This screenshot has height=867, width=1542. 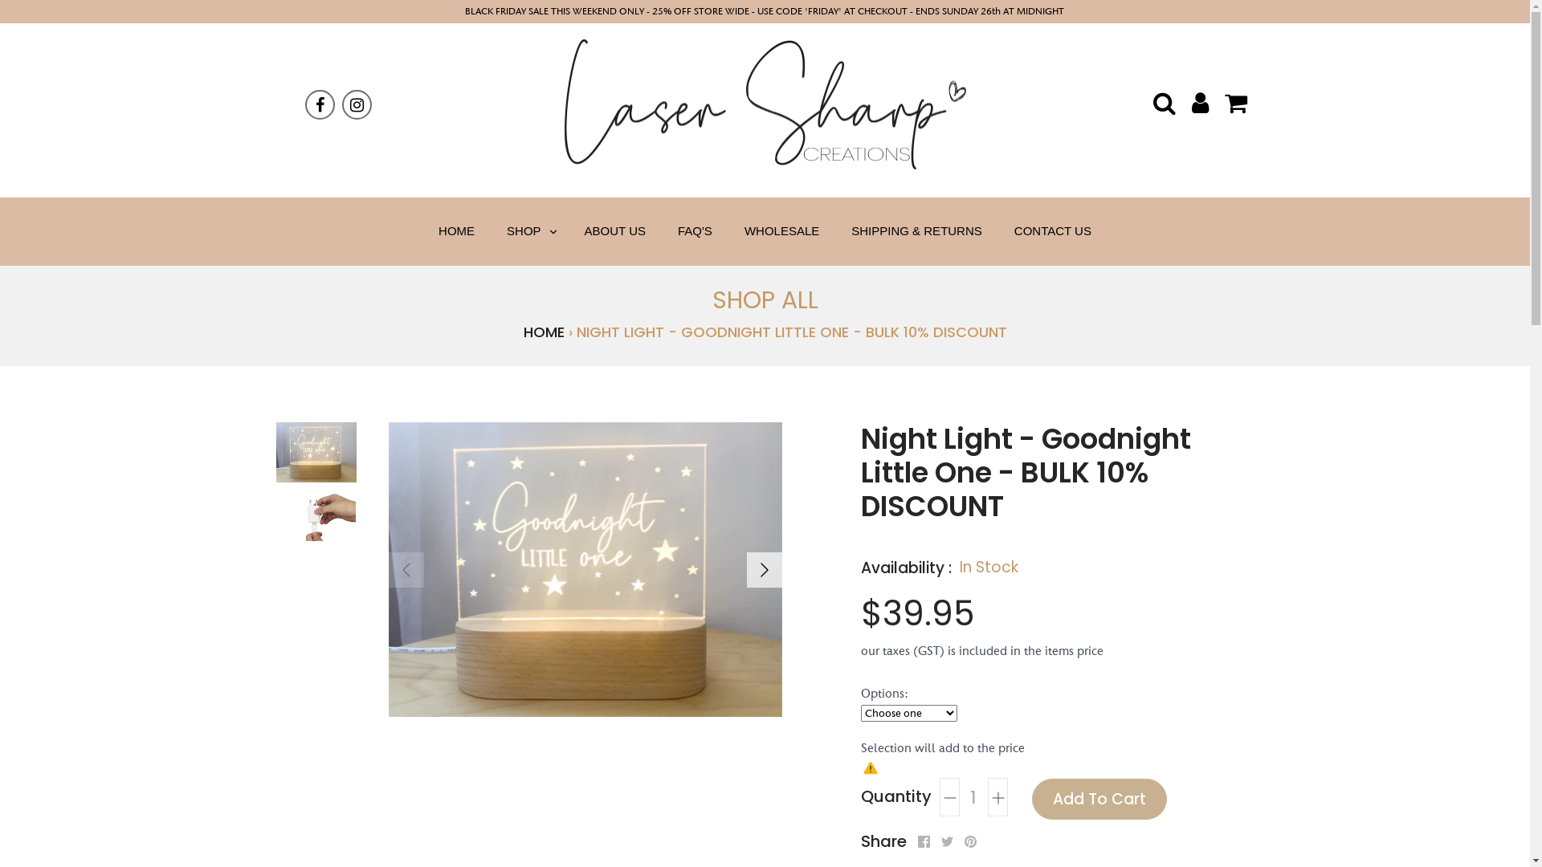 What do you see at coordinates (969, 841) in the screenshot?
I see `'Pinterest` at bounding box center [969, 841].